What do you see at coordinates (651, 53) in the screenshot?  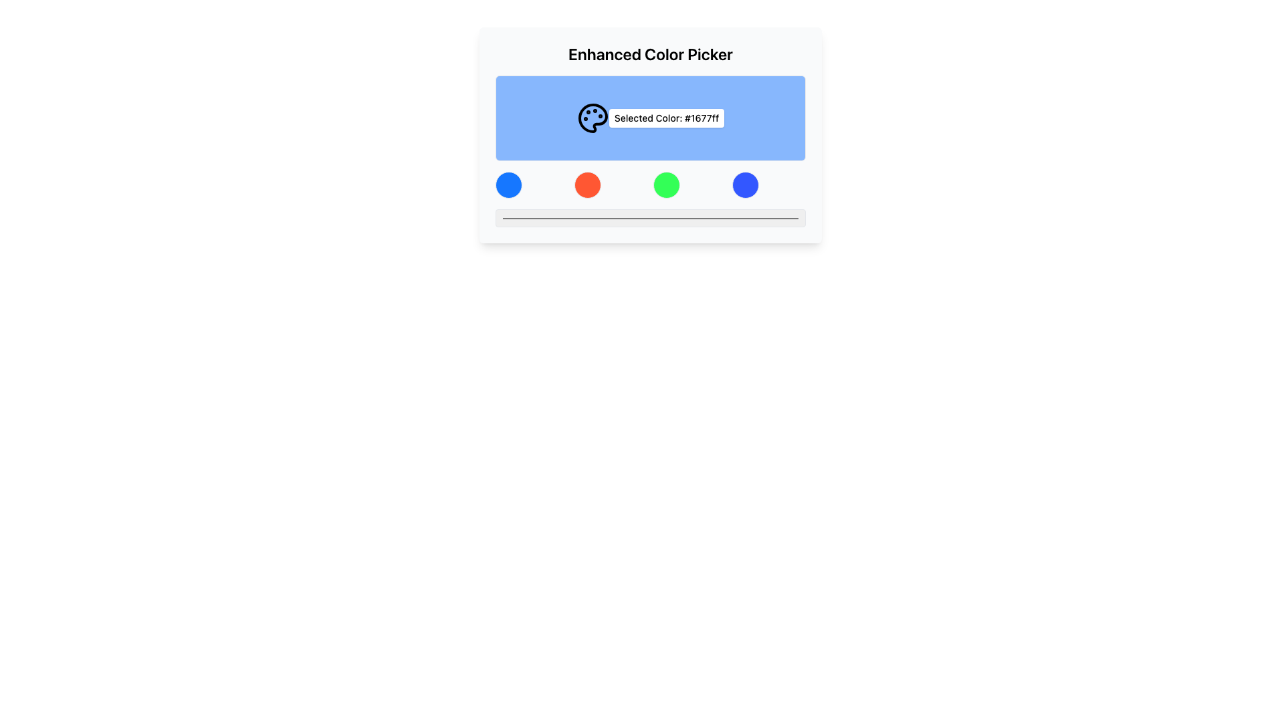 I see `text of the heading at the top of the color picker interface, which indicates its purpose` at bounding box center [651, 53].